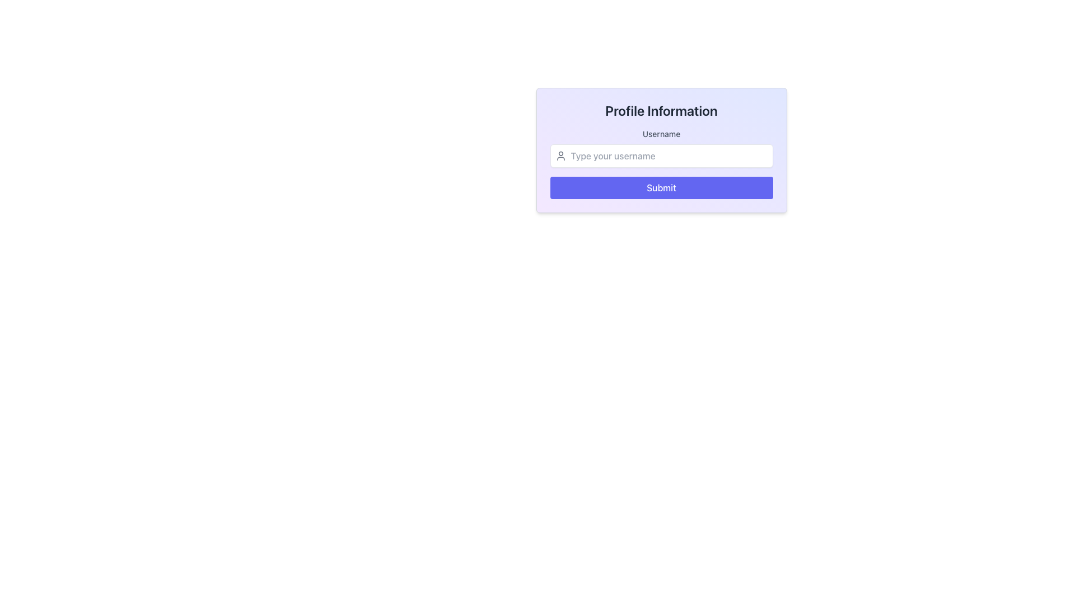 Image resolution: width=1075 pixels, height=604 pixels. Describe the element at coordinates (661, 133) in the screenshot. I see `the Static text label displaying 'Username' that is located above the text input box` at that location.